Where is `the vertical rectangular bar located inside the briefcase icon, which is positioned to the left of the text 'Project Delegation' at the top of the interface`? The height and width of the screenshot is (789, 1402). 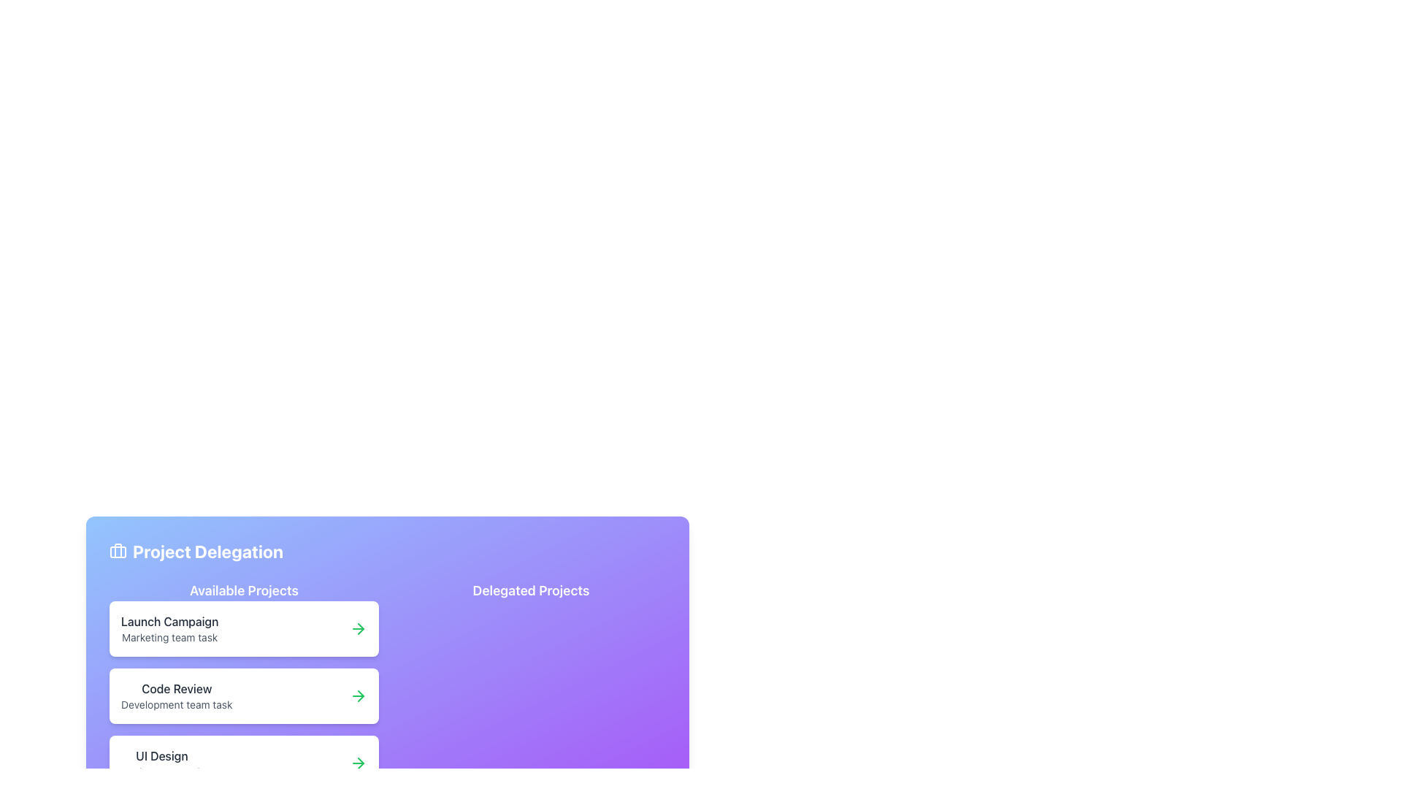 the vertical rectangular bar located inside the briefcase icon, which is positioned to the left of the text 'Project Delegation' at the top of the interface is located at coordinates (118, 550).